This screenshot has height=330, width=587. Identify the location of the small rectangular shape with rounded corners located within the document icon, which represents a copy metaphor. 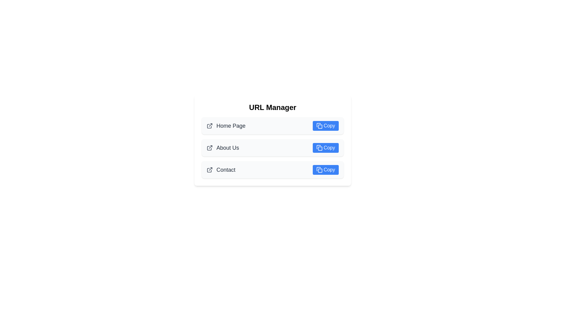
(320, 126).